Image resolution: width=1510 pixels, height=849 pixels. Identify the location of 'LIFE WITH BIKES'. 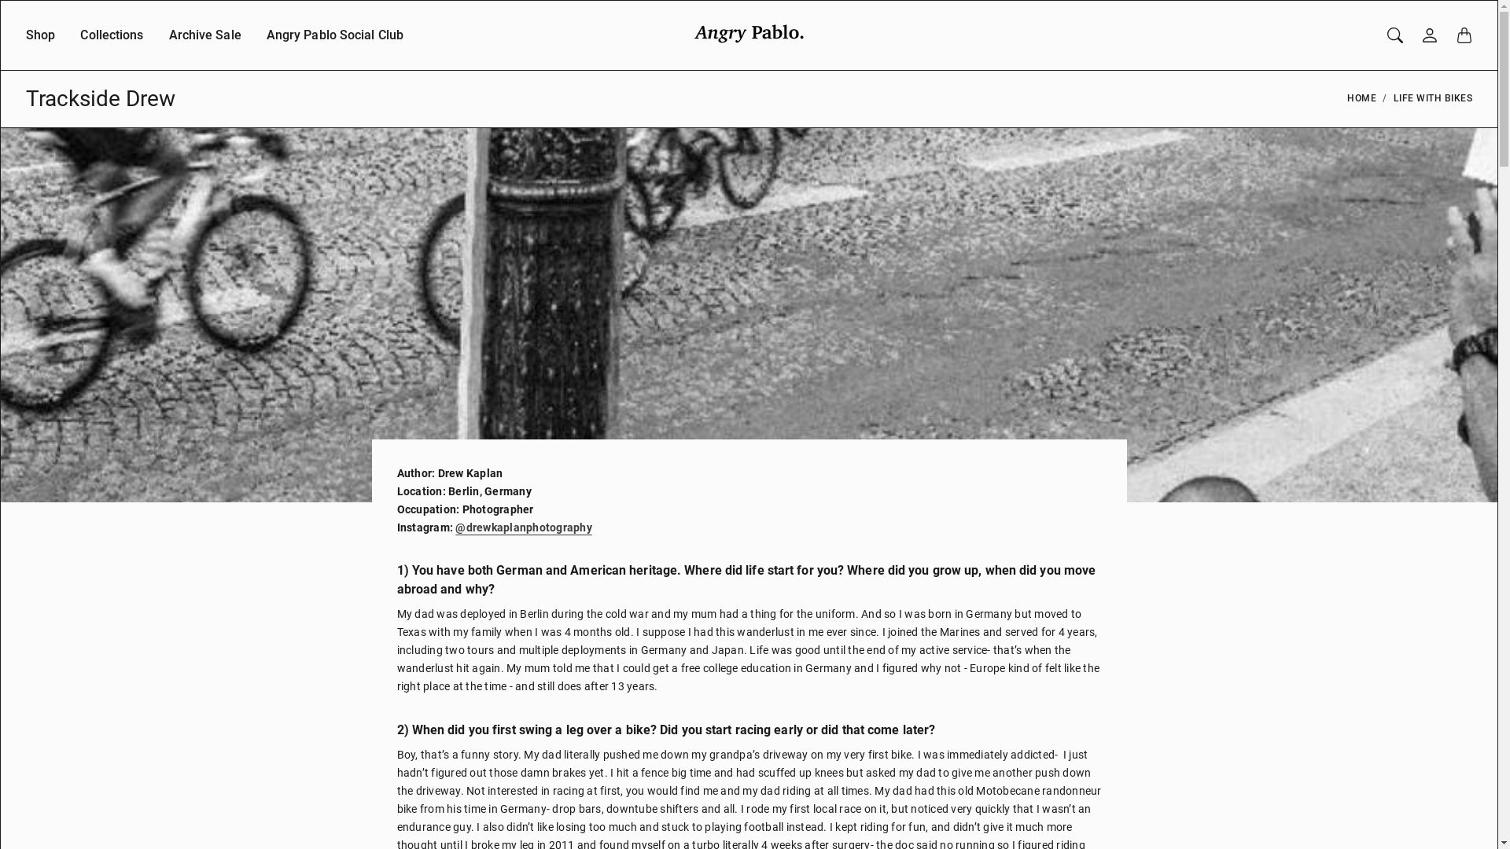
(1433, 99).